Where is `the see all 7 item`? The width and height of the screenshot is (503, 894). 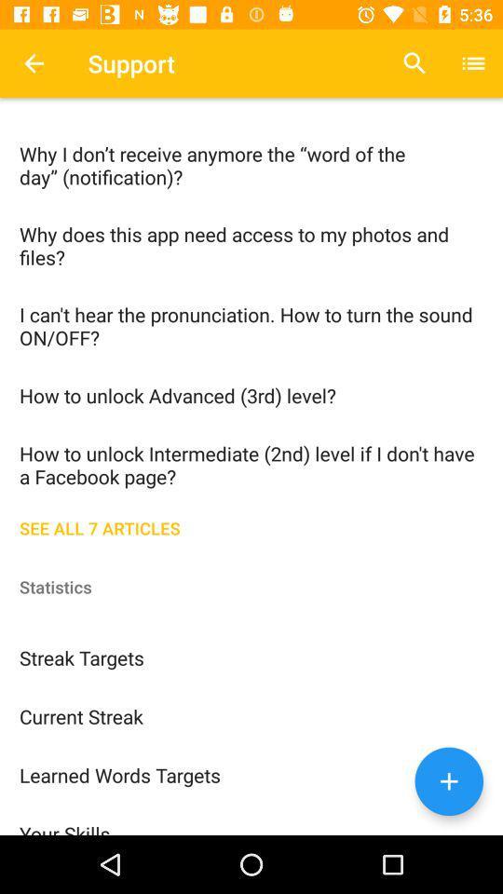
the see all 7 item is located at coordinates (251, 526).